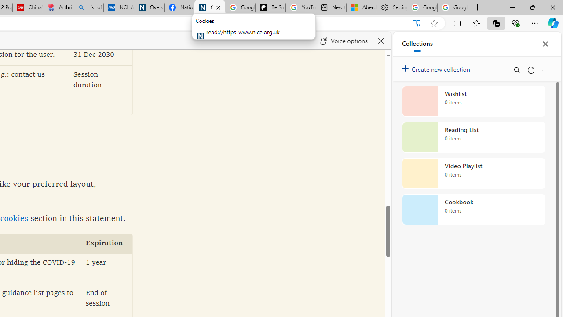 The width and height of the screenshot is (563, 317). What do you see at coordinates (118, 7) in the screenshot?
I see `'NCL Adult Asthma Inhaler Choice Guideline'` at bounding box center [118, 7].